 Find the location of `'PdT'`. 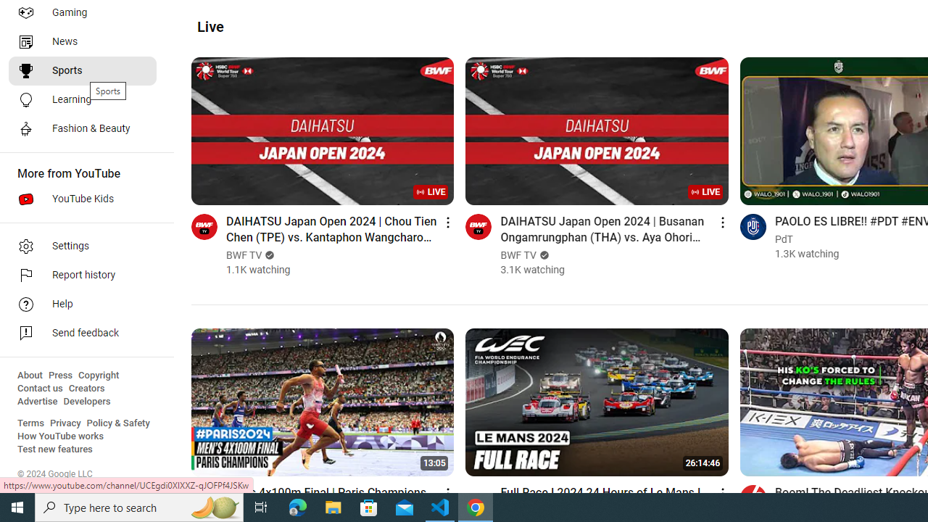

'PdT' is located at coordinates (783, 239).